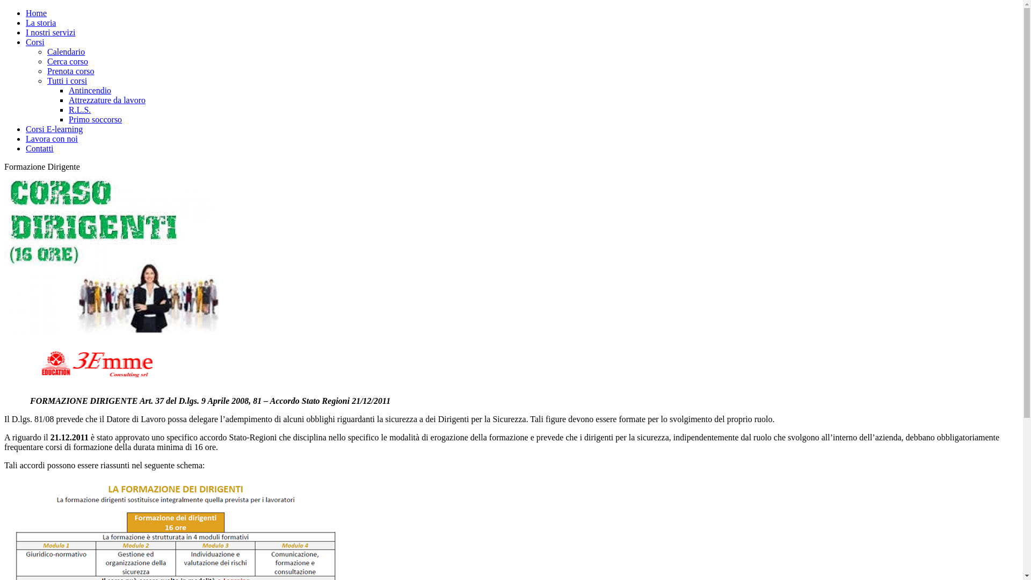 Image resolution: width=1031 pixels, height=580 pixels. Describe the element at coordinates (39, 148) in the screenshot. I see `'Contatti'` at that location.